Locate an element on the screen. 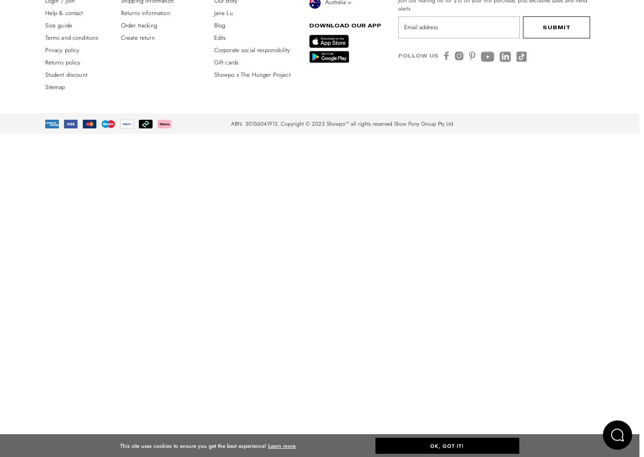  'Returns policy' is located at coordinates (63, 62).